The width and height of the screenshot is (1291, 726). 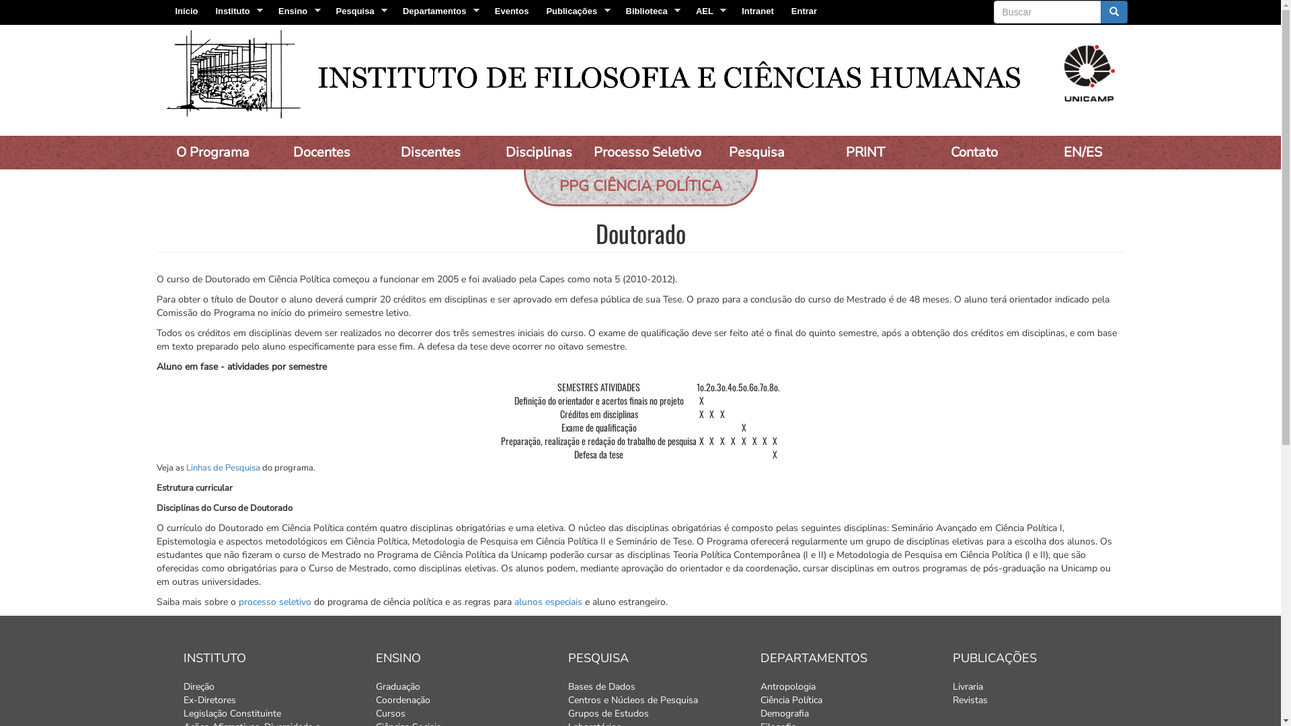 What do you see at coordinates (804, 11) in the screenshot?
I see `'Entrar'` at bounding box center [804, 11].